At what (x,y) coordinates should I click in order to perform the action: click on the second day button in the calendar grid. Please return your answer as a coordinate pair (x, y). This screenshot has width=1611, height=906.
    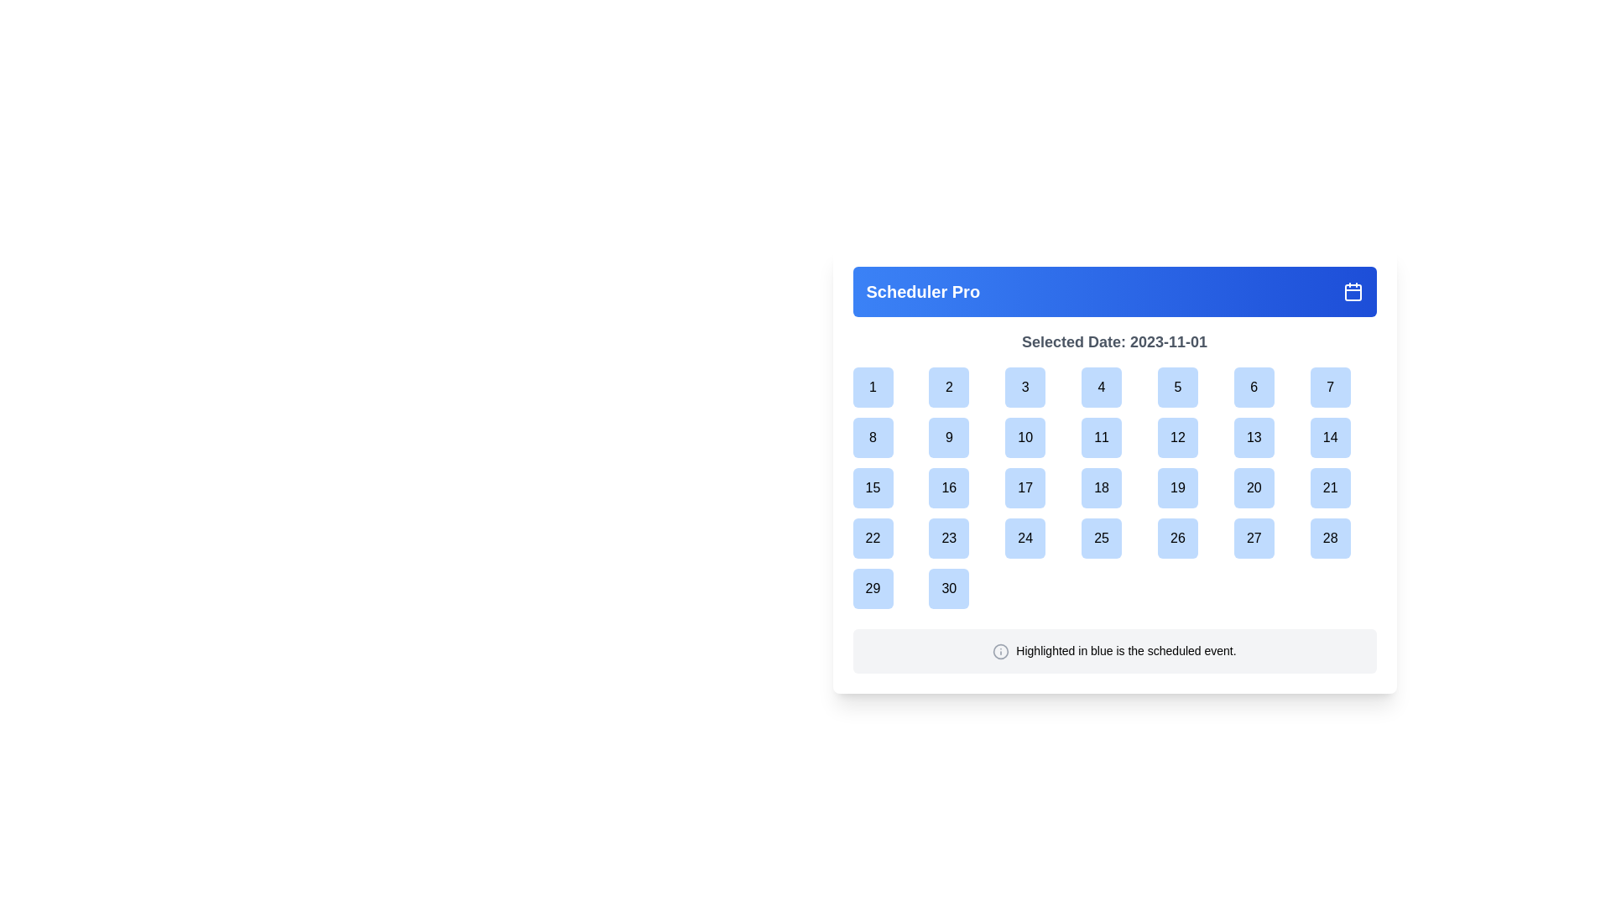
    Looking at the image, I should click on (962, 388).